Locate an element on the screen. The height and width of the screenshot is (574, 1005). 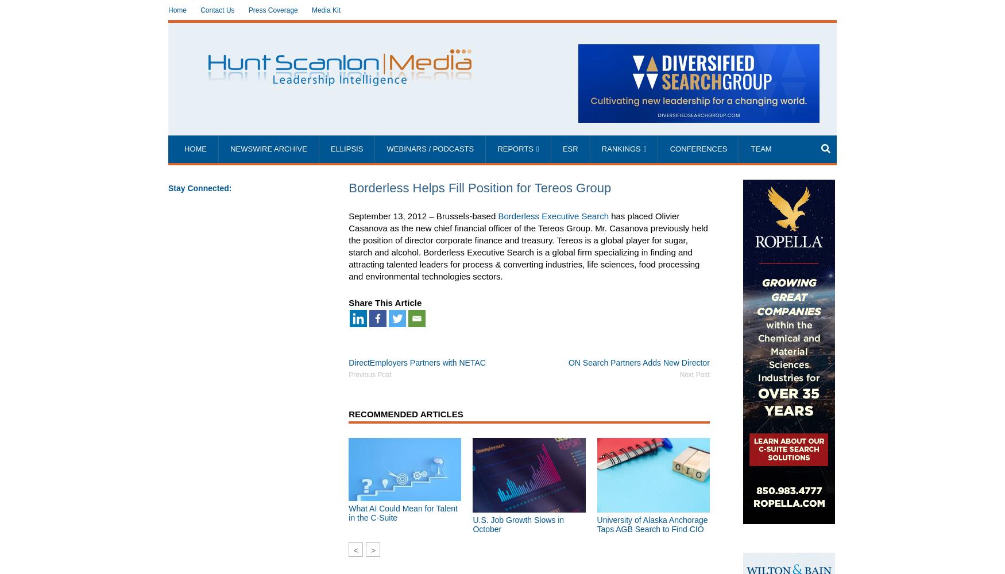
'Conferences' is located at coordinates (669, 149).